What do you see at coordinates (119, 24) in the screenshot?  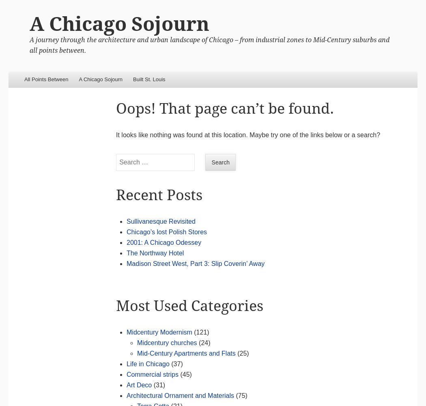 I see `'A Chicago Sojourn'` at bounding box center [119, 24].